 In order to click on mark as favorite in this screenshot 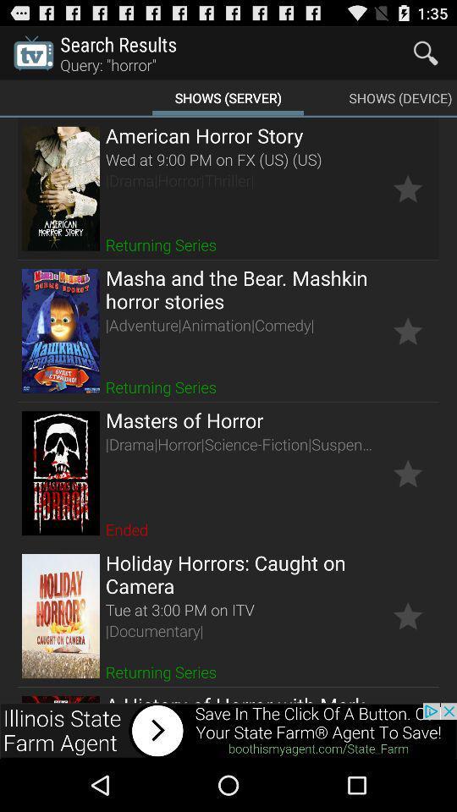, I will do `click(407, 330)`.